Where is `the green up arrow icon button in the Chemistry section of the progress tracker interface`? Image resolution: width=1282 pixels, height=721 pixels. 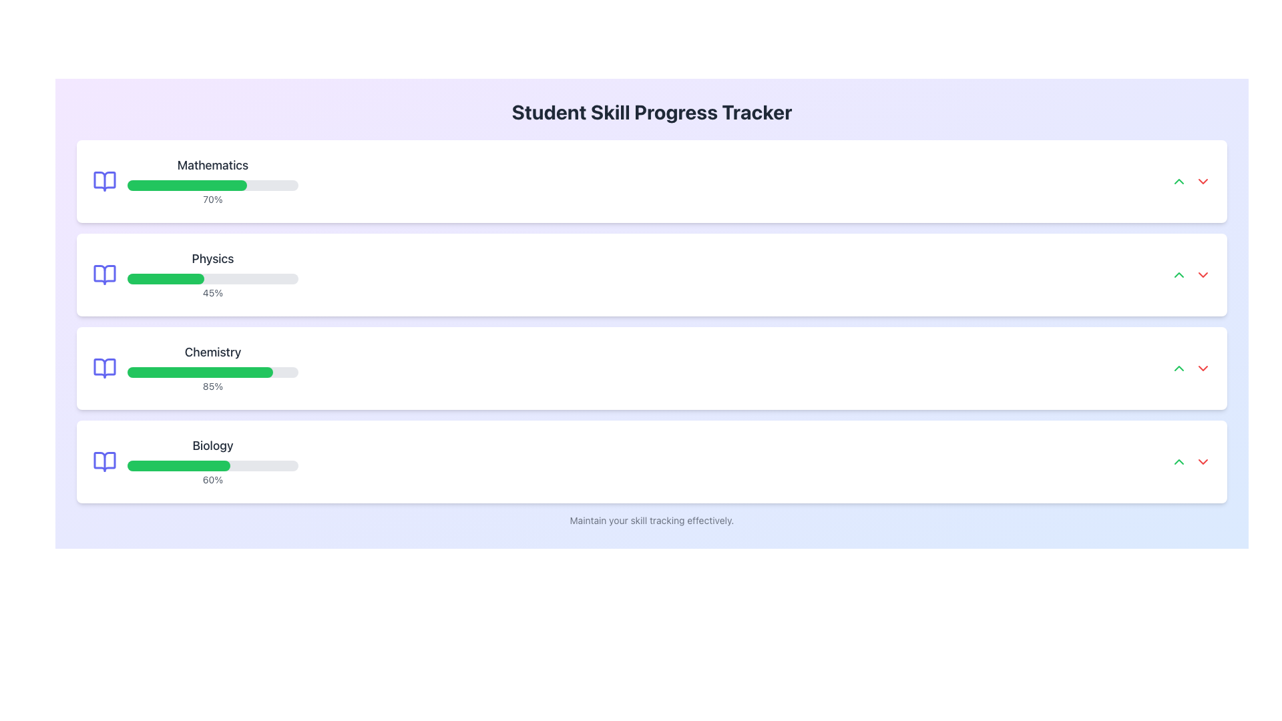
the green up arrow icon button in the Chemistry section of the progress tracker interface is located at coordinates (1179, 368).